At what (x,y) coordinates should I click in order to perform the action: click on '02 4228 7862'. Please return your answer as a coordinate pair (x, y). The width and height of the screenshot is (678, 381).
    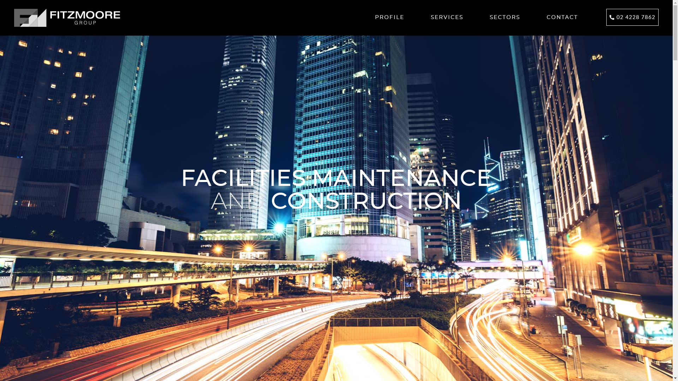
    Looking at the image, I should click on (632, 17).